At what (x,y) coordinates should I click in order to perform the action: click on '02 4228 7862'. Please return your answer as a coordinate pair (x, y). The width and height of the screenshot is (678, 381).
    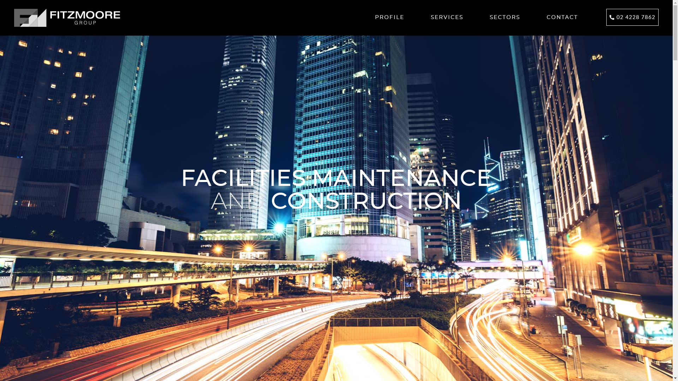
    Looking at the image, I should click on (632, 17).